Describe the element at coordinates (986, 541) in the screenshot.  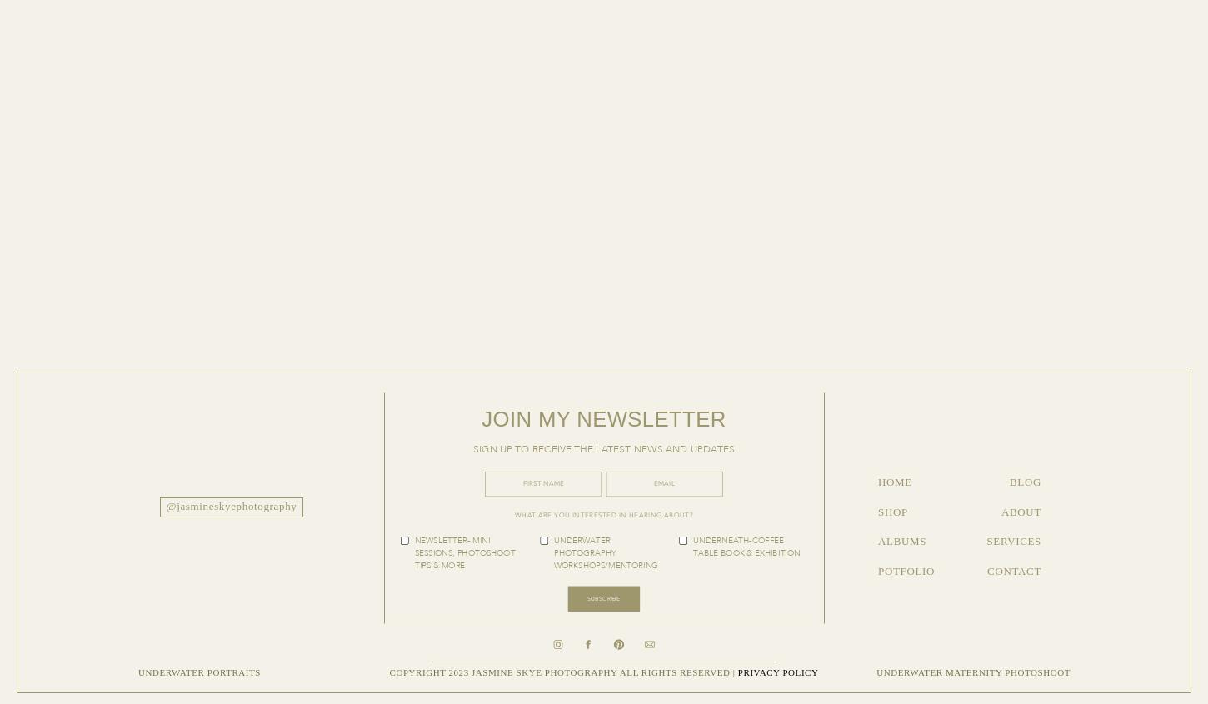
I see `'SERVICES'` at that location.